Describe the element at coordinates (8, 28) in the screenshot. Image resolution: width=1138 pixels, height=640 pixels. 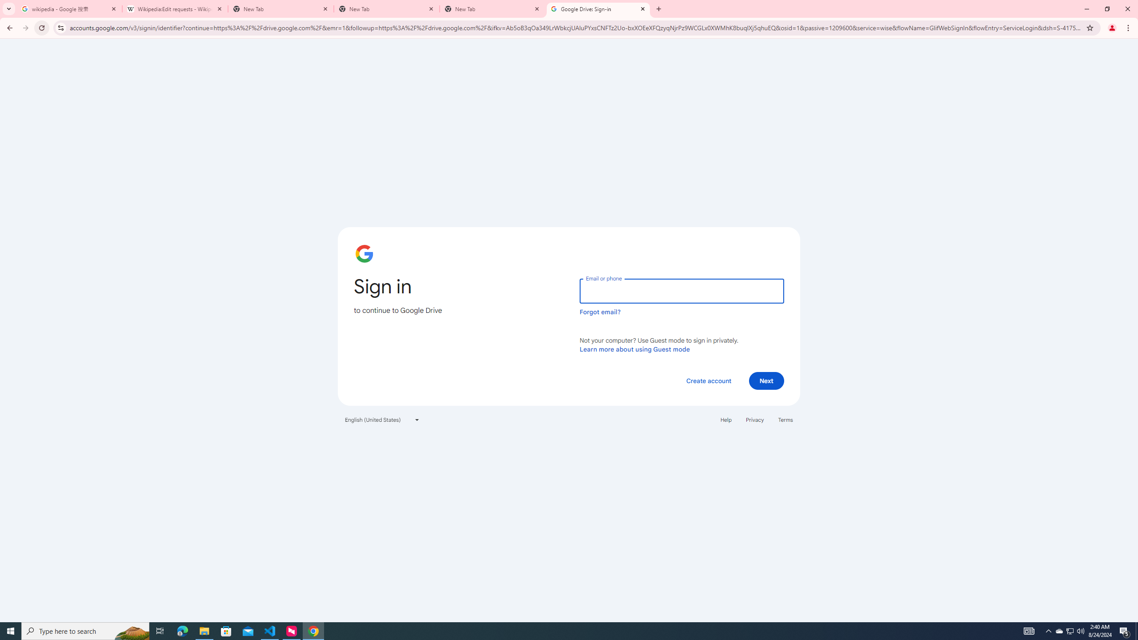
I see `'Back'` at that location.